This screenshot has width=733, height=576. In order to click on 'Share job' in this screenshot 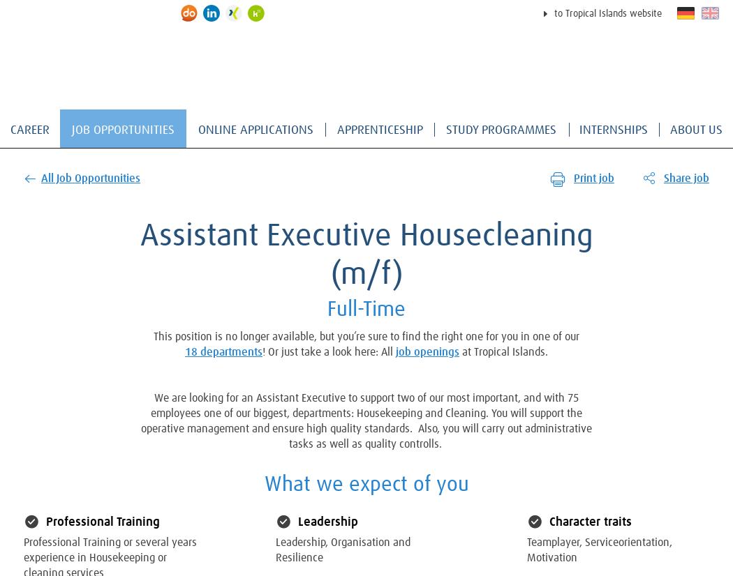, I will do `click(686, 178)`.